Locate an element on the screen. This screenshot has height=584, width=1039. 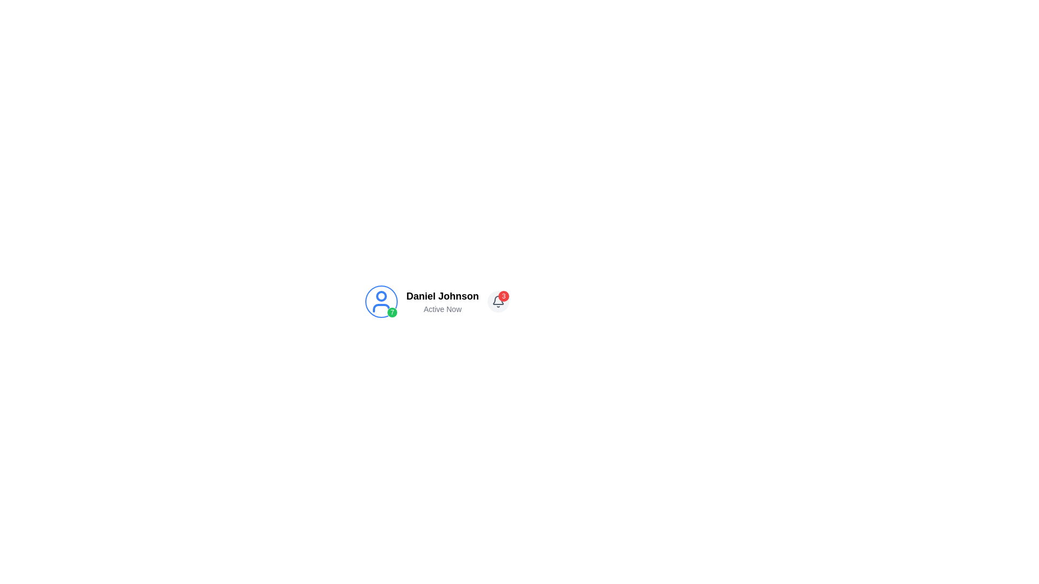
text content of the 'Active Now' label that appears below the user's name 'Daniel Johnson' in gray-colored font is located at coordinates (442, 309).